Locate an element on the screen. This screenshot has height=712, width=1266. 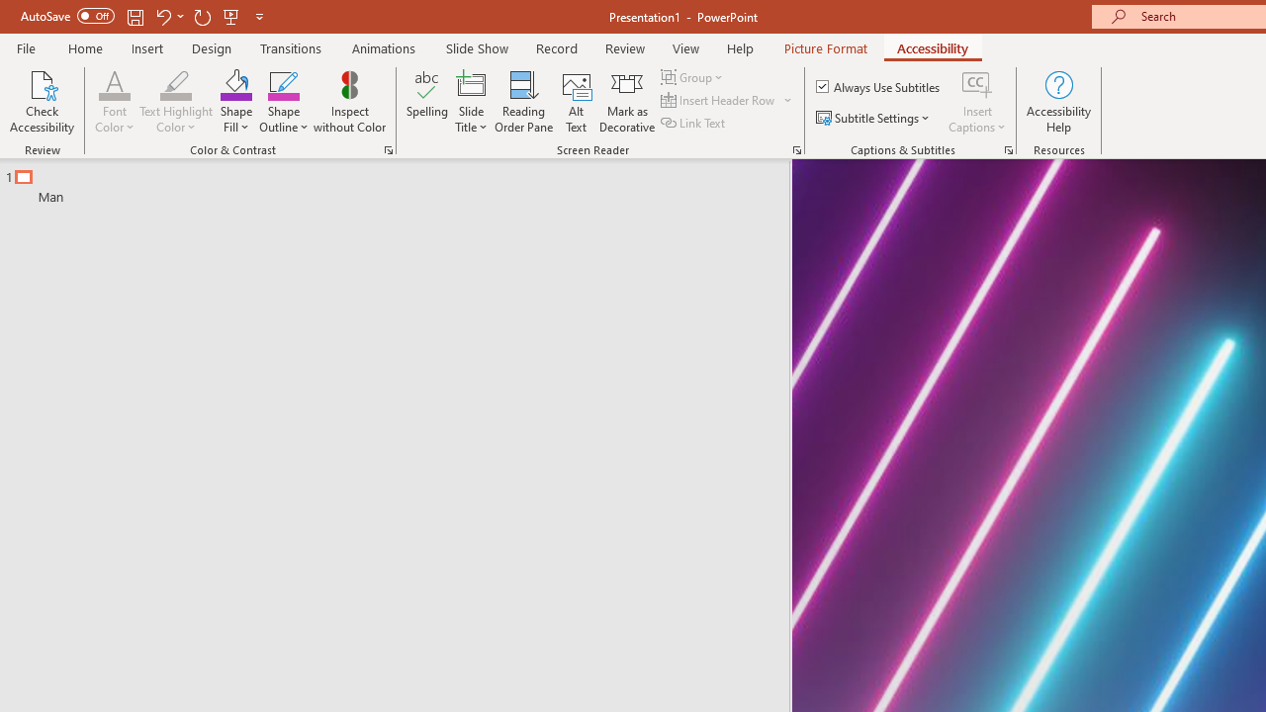
'Captions & Subtitles' is located at coordinates (1009, 148).